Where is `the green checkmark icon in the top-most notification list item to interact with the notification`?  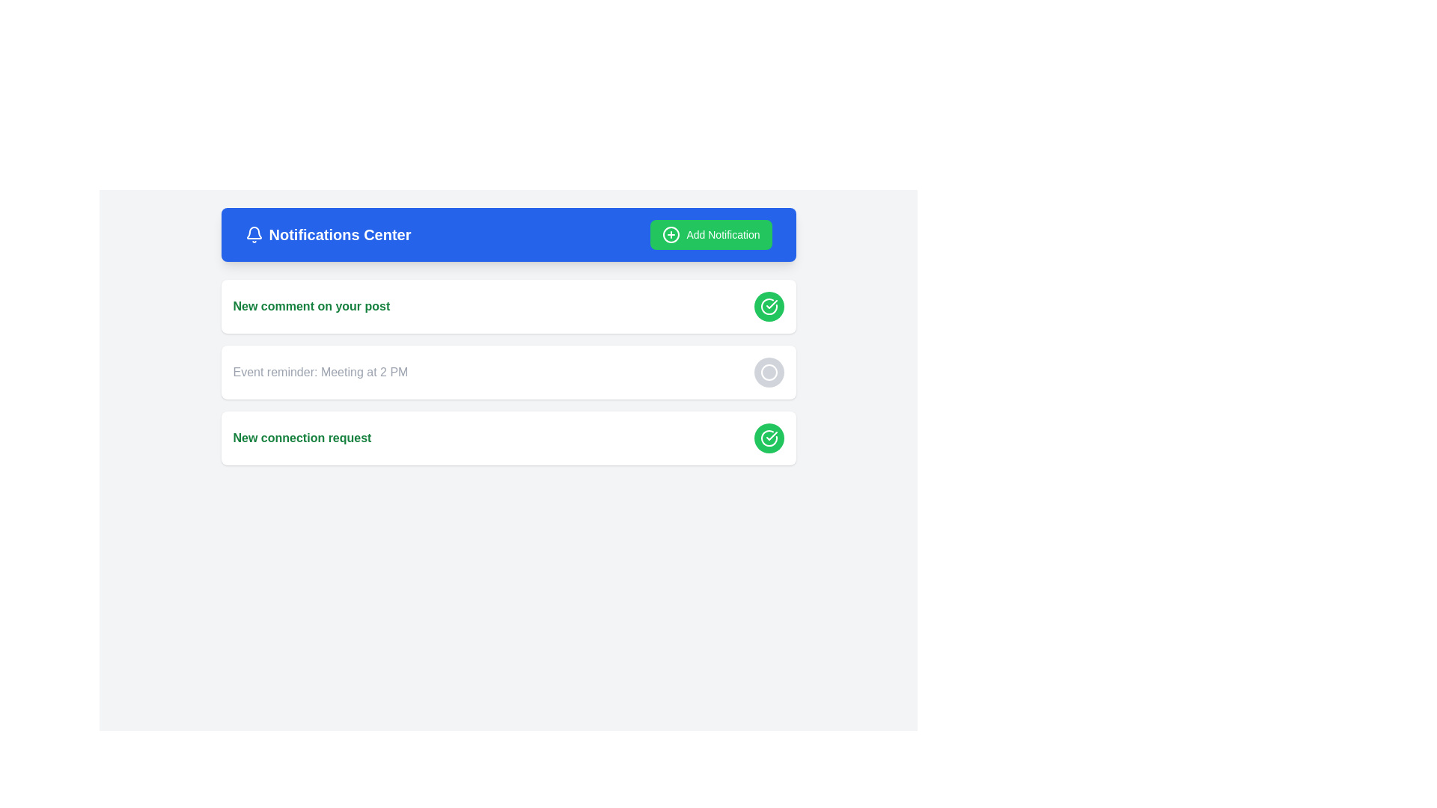
the green checkmark icon in the top-most notification list item to interact with the notification is located at coordinates (769, 305).